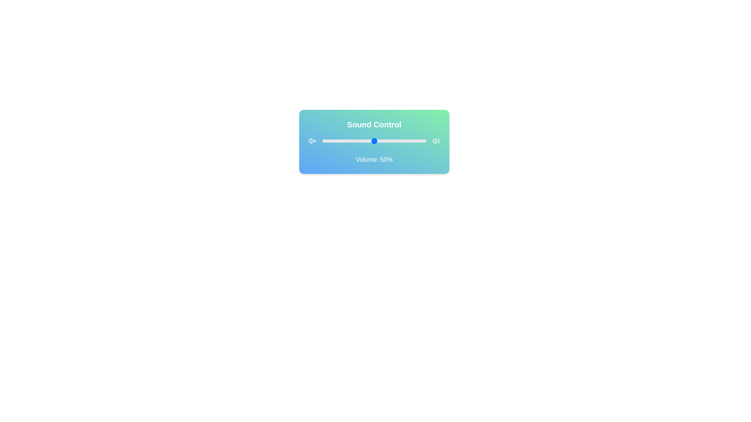  I want to click on the volume, so click(344, 141).